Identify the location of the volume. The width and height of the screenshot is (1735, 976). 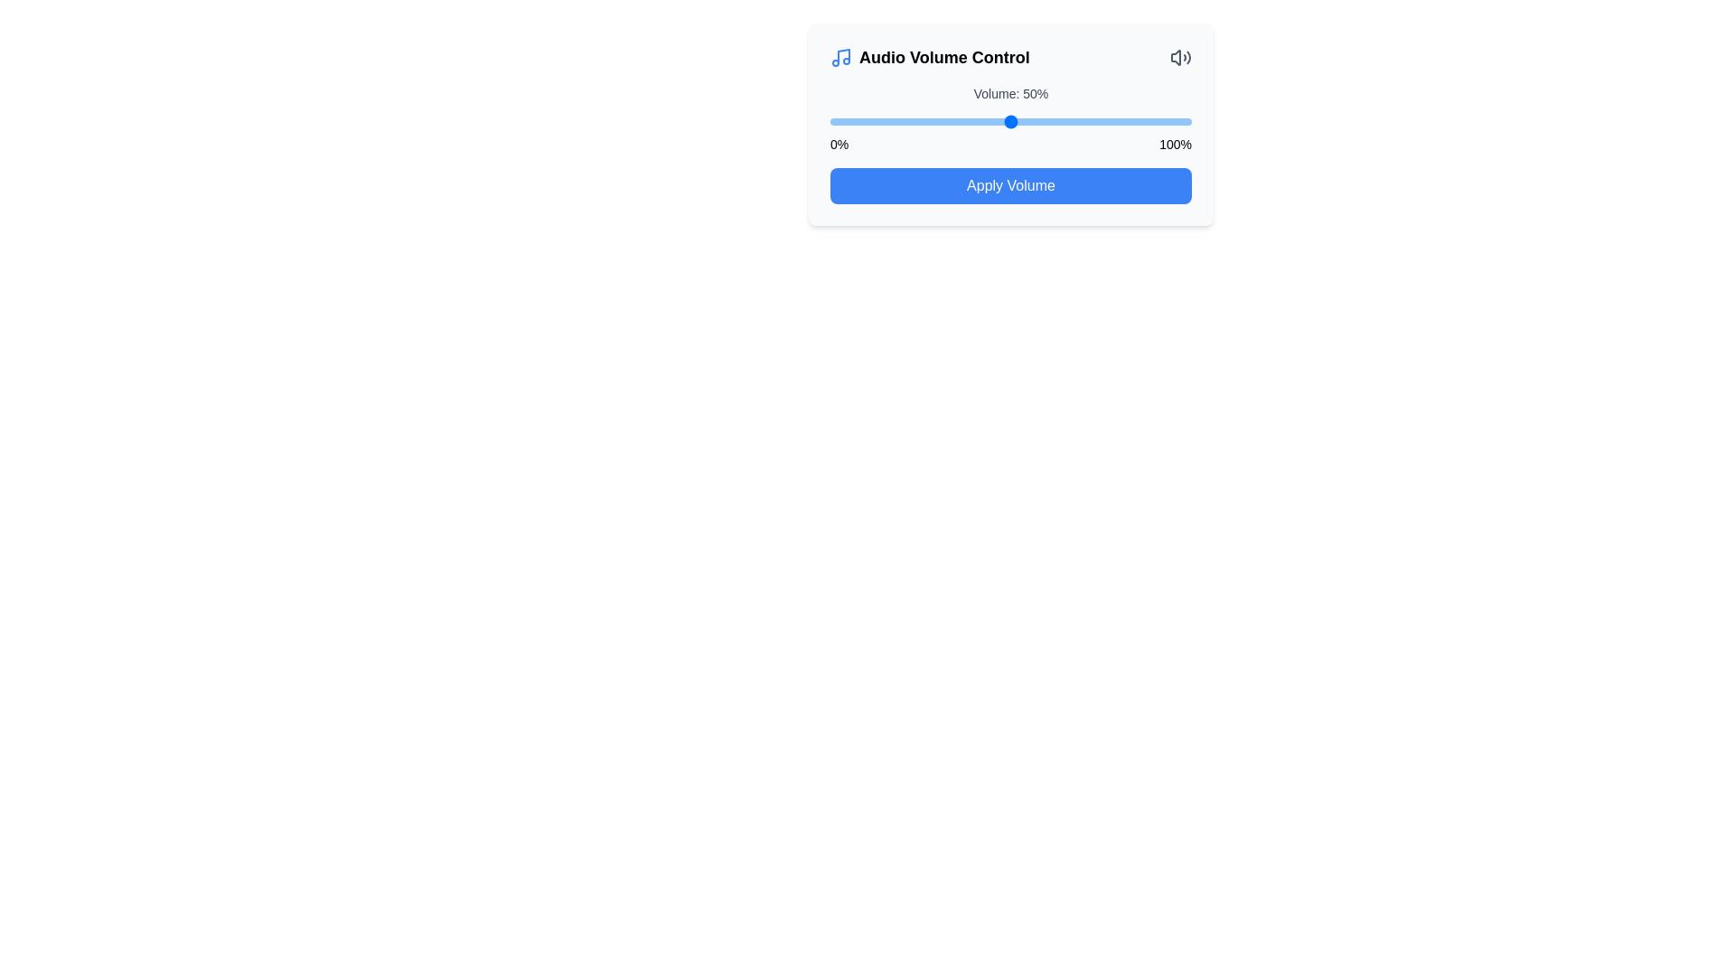
(885, 122).